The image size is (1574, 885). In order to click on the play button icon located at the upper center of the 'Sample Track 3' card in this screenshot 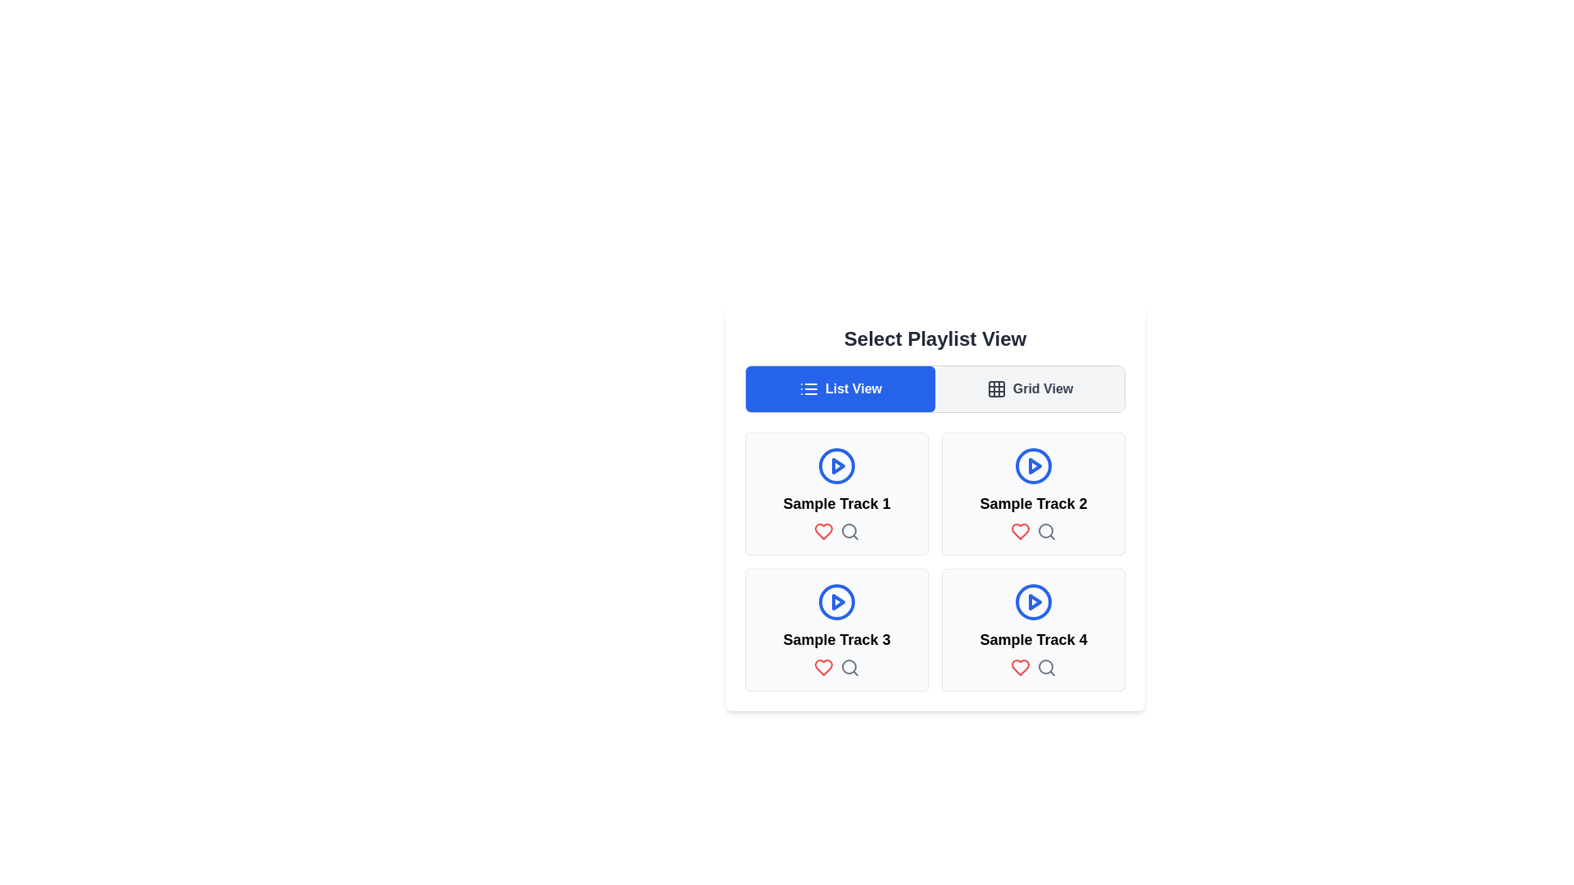, I will do `click(837, 602)`.